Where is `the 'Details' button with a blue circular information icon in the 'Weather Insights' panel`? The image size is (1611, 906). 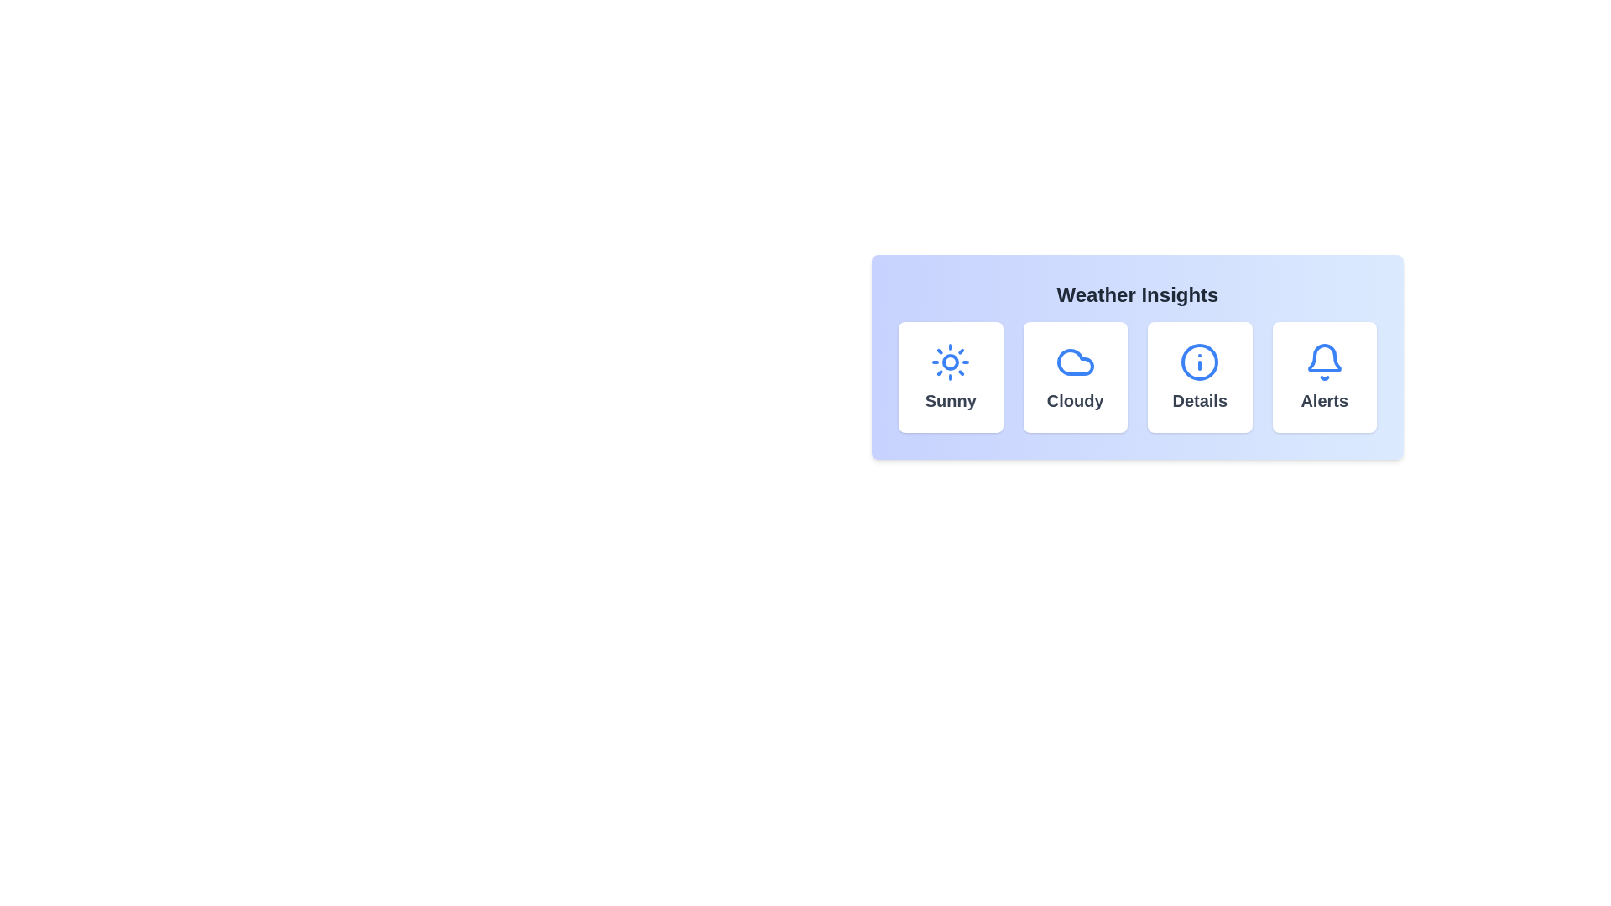
the 'Details' button with a blue circular information icon in the 'Weather Insights' panel is located at coordinates (1199, 377).